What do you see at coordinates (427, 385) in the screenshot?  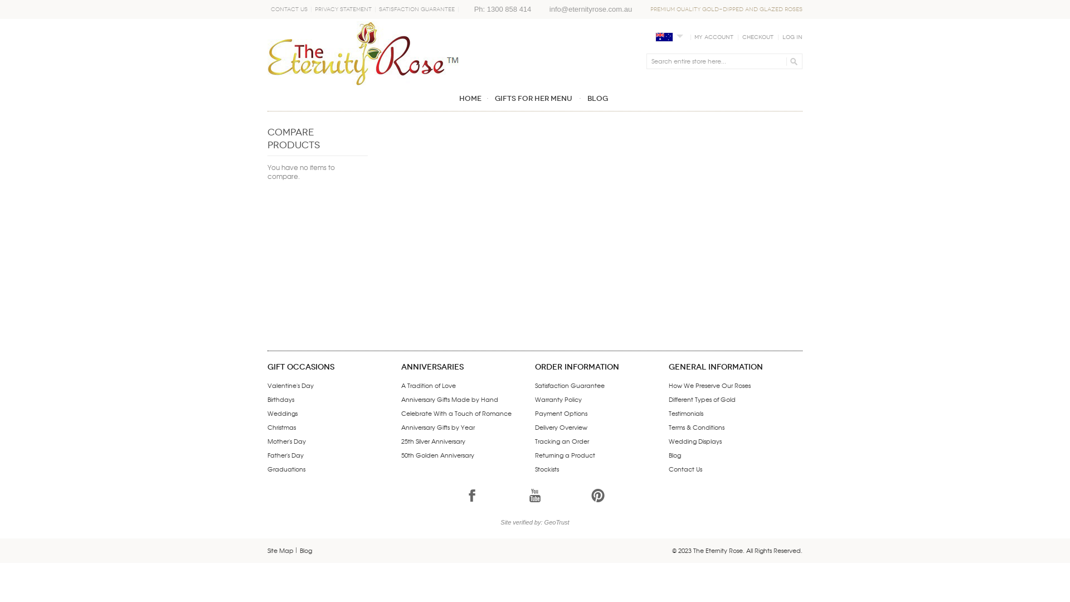 I see `'A Tradition of Love'` at bounding box center [427, 385].